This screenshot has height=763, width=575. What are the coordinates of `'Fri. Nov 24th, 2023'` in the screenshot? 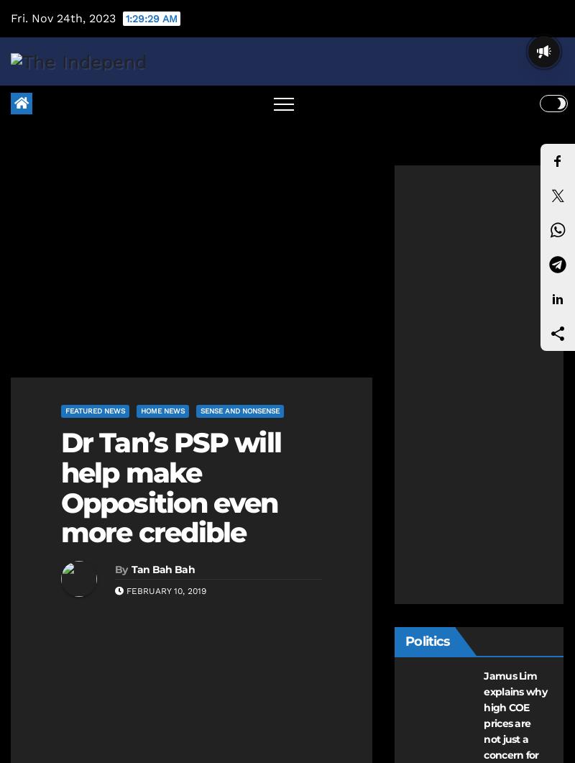 It's located at (65, 18).